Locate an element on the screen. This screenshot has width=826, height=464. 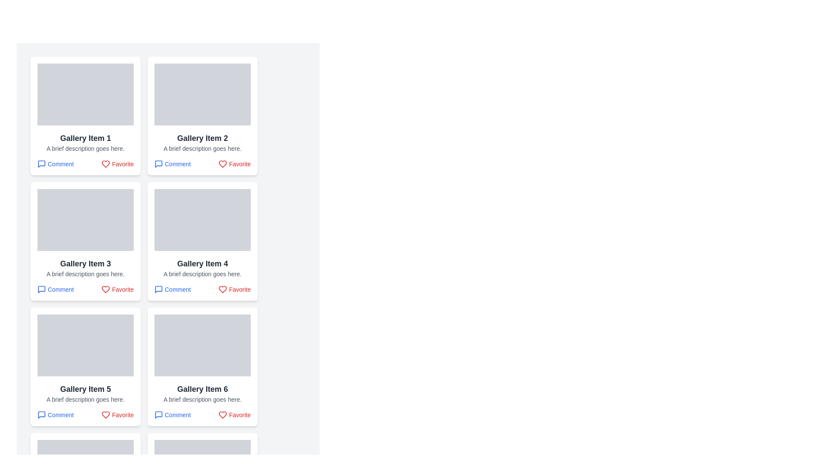
the decorative comment icon located to the left of the 'Comment' text in the interactive section beneath the 'Gallery Item 2' card is located at coordinates (159, 164).